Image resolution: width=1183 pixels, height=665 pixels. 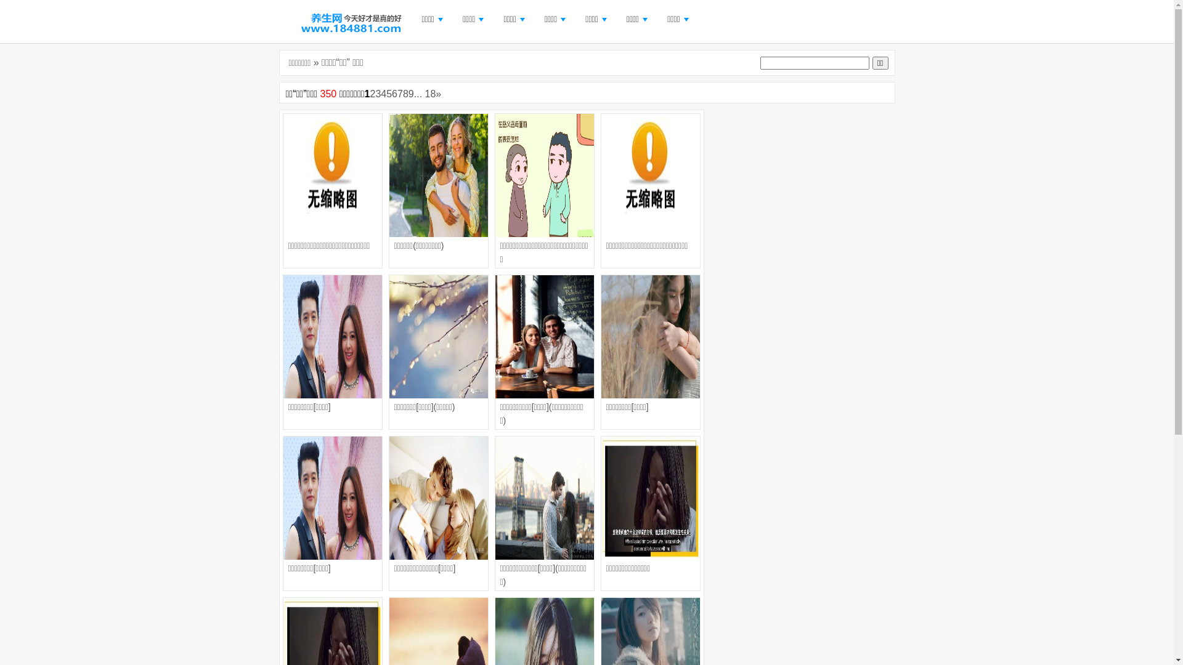 I want to click on '6', so click(x=394, y=93).